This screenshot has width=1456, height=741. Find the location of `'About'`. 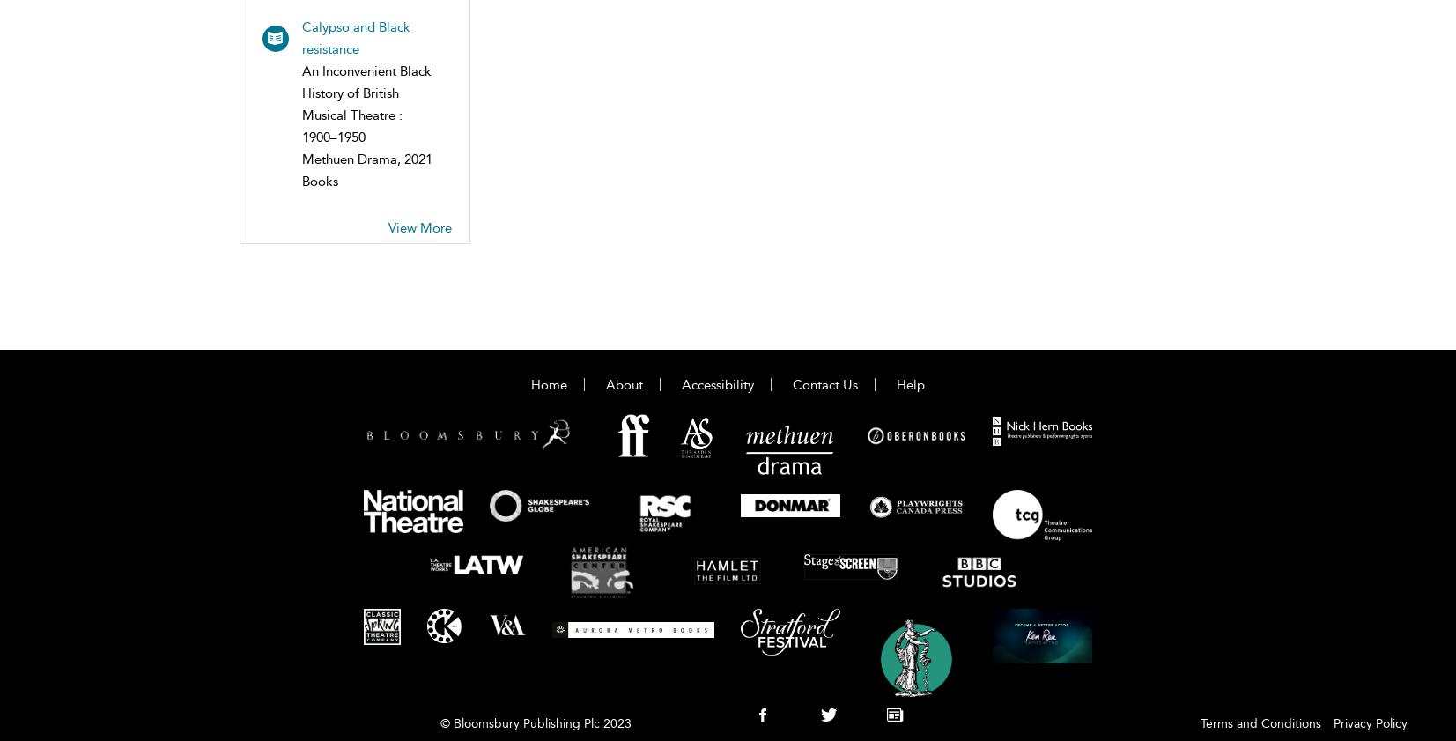

'About' is located at coordinates (623, 383).